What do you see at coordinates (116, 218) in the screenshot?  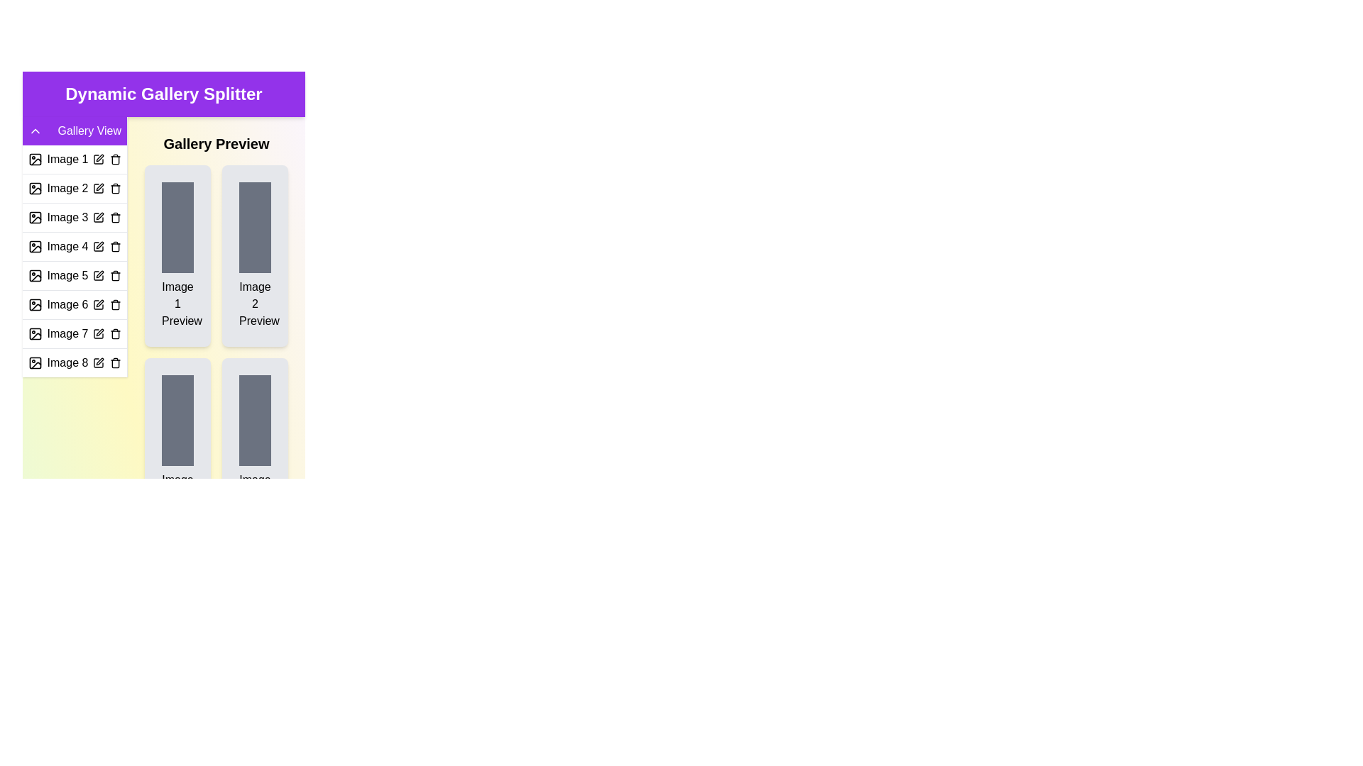 I see `the delete button for 'Image 3' to change its color to red` at bounding box center [116, 218].